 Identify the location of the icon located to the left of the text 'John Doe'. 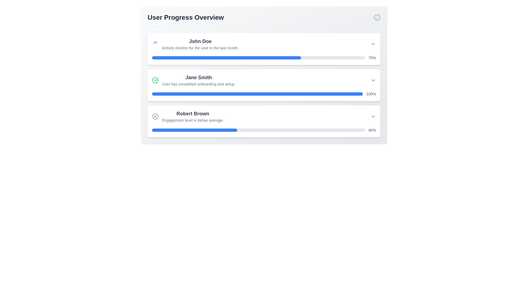
(155, 43).